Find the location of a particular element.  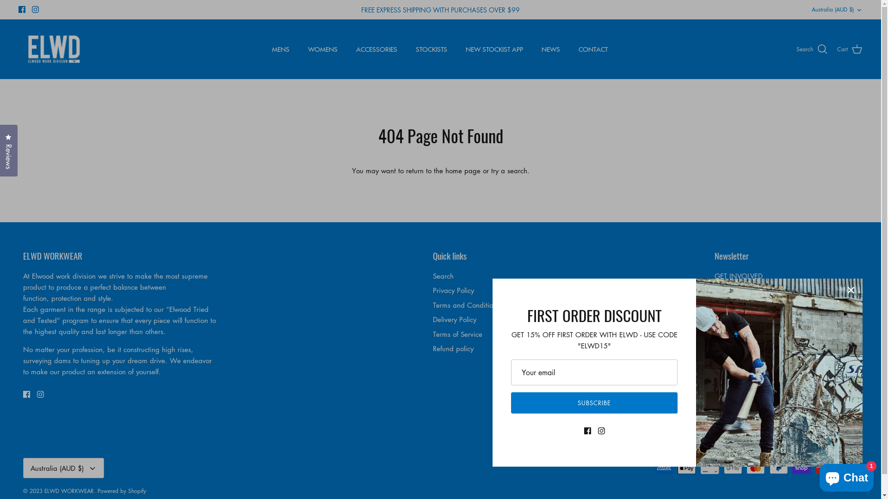

'Privacy Policy' is located at coordinates (432, 290).